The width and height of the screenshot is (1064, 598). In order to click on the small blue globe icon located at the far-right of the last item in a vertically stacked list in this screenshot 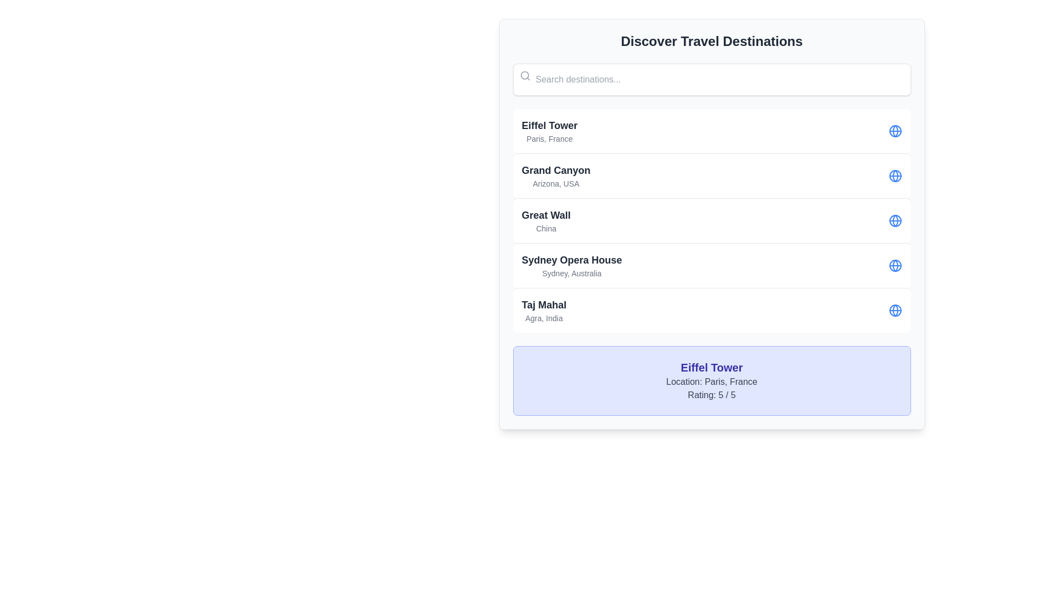, I will do `click(895, 310)`.